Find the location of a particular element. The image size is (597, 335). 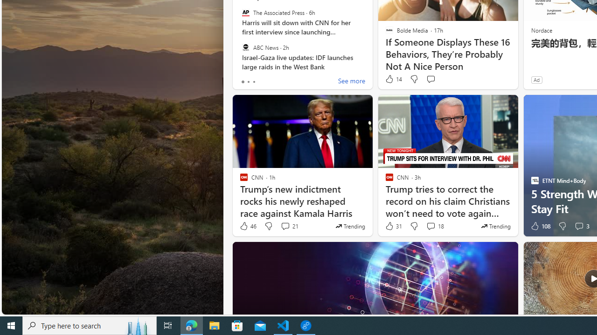

'ABC News' is located at coordinates (245, 47).